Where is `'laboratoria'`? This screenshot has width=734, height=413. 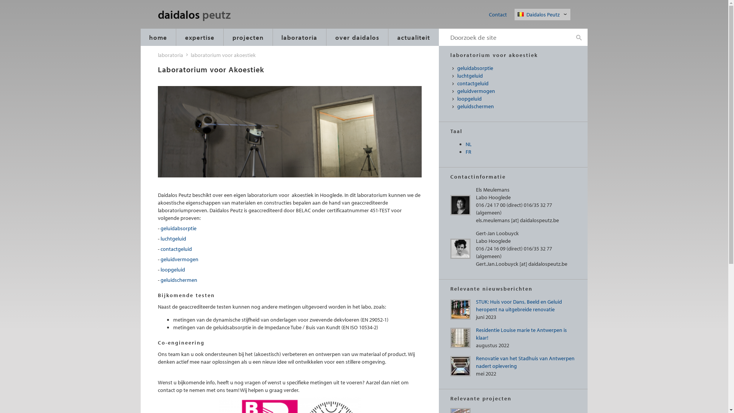
'laboratoria' is located at coordinates (273, 37).